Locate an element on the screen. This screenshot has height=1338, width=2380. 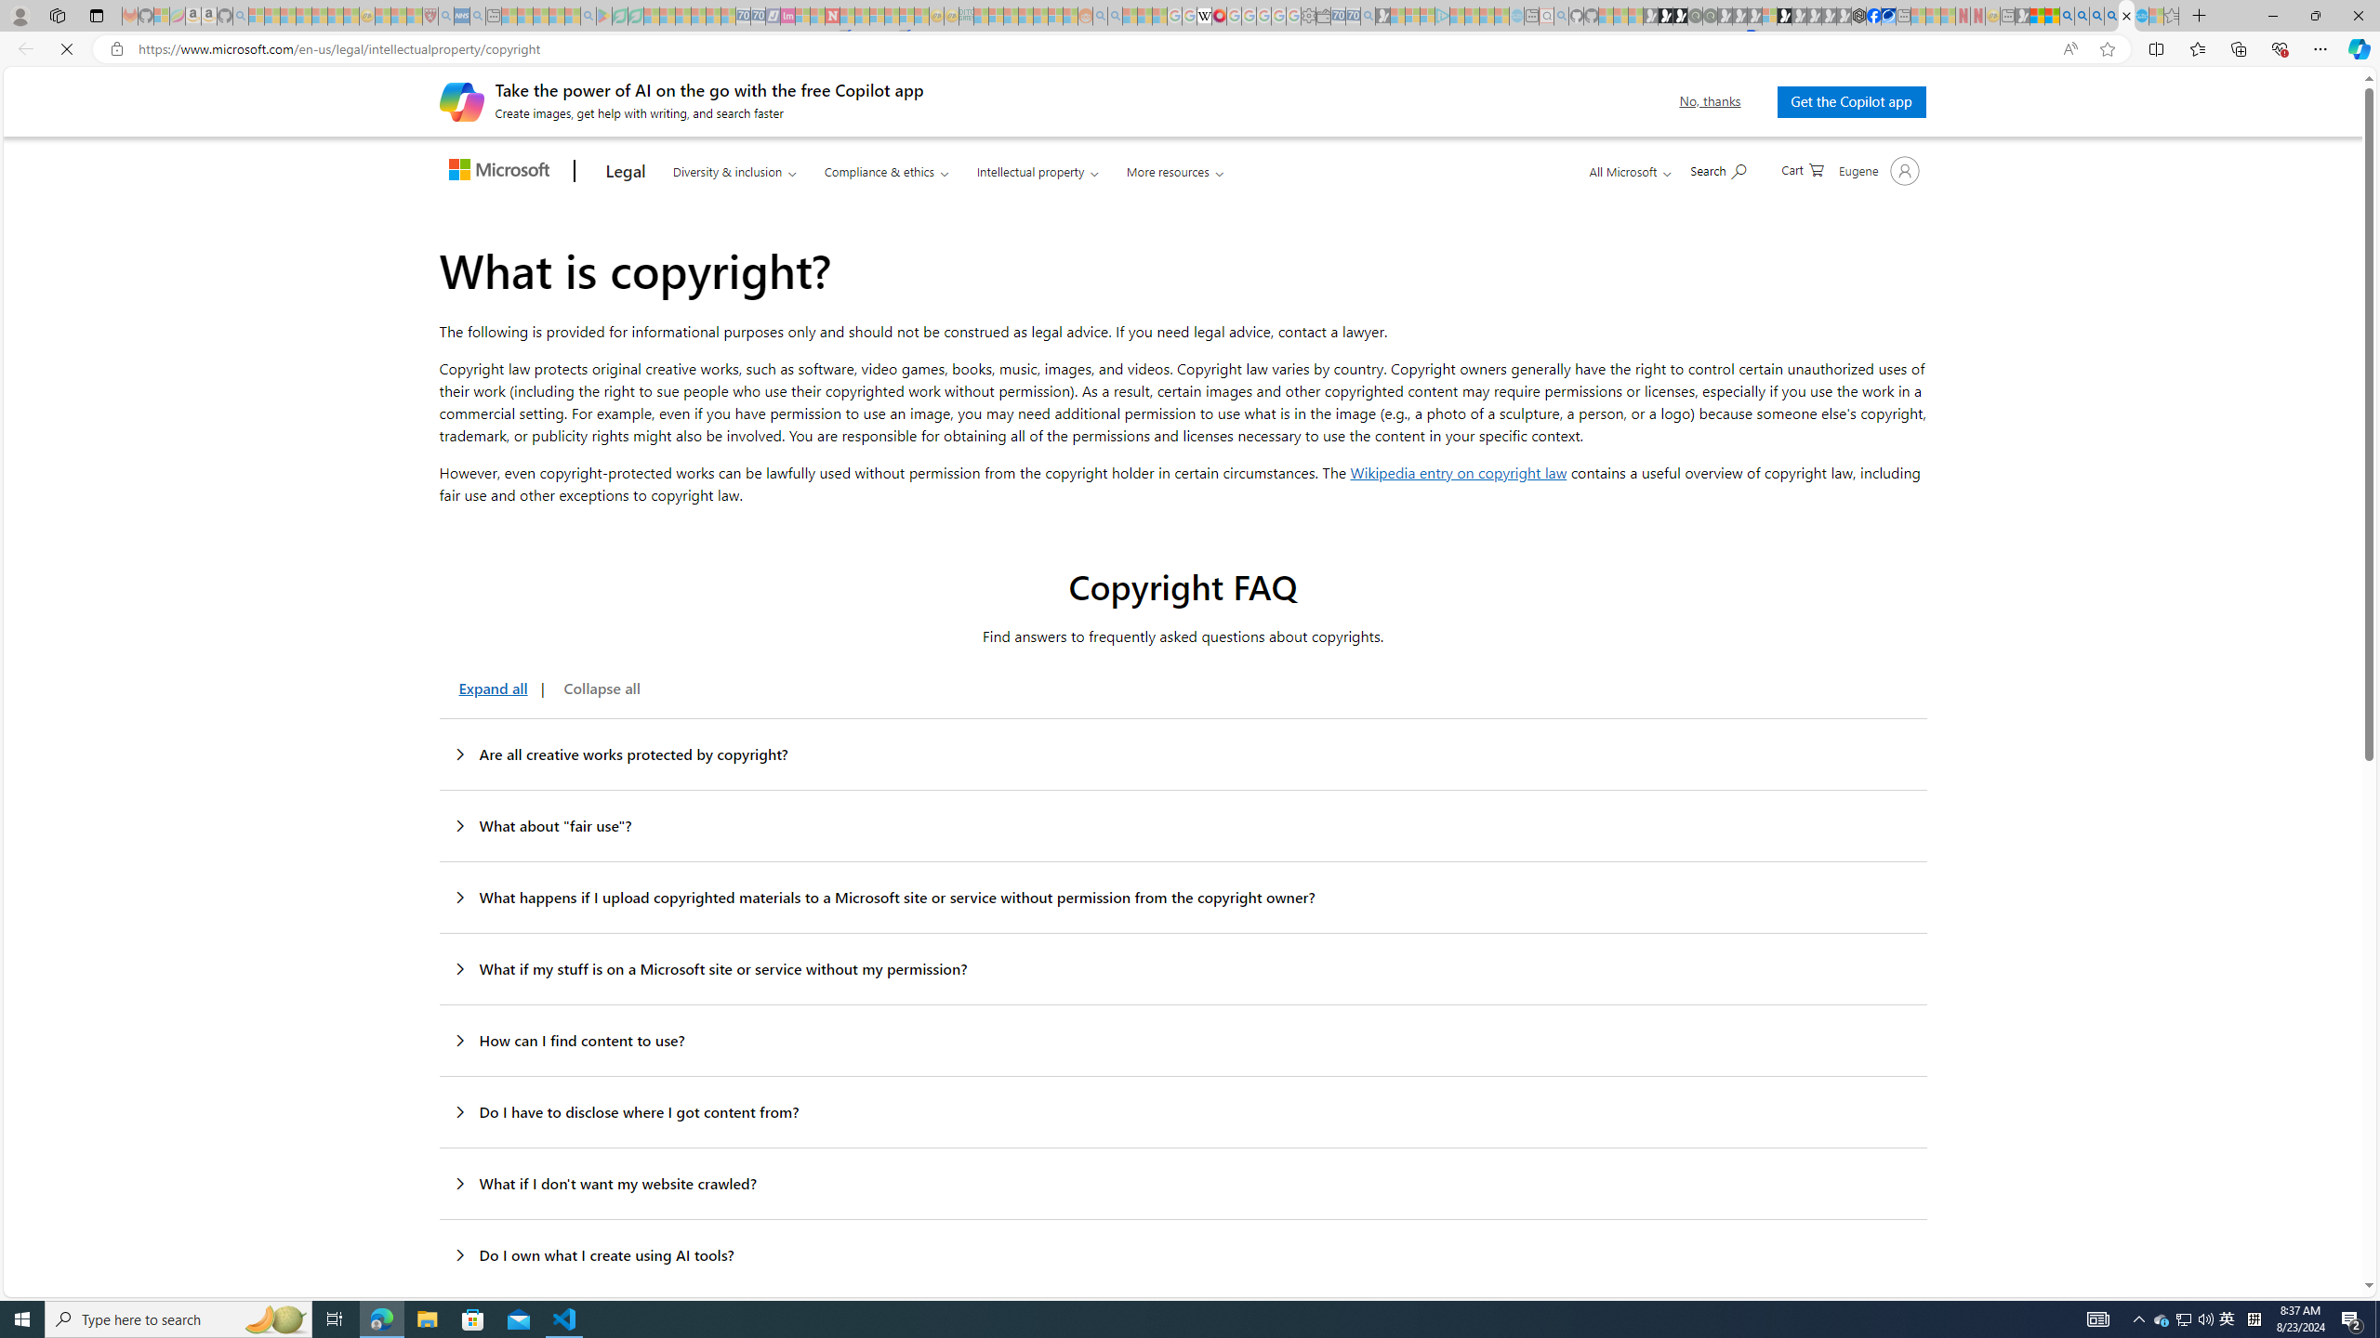
'Account manager for Eugene' is located at coordinates (1876, 170).